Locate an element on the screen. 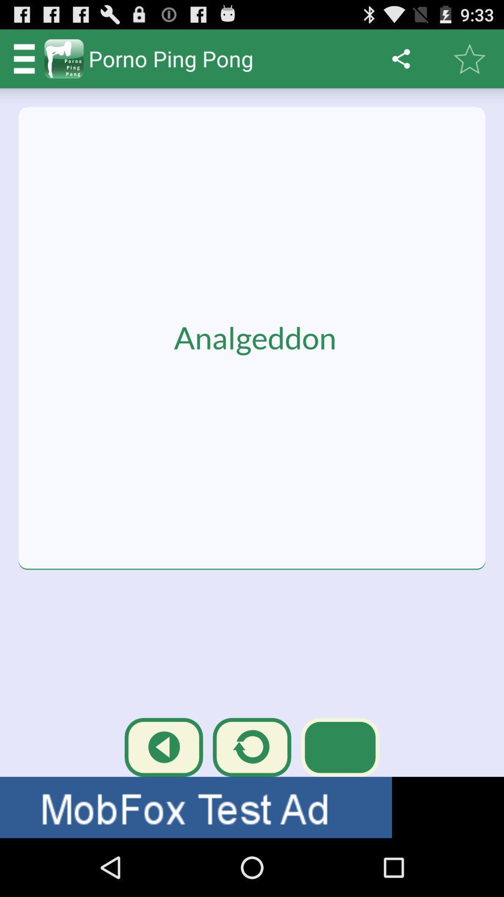 The width and height of the screenshot is (504, 897). the replay icon is located at coordinates (252, 747).